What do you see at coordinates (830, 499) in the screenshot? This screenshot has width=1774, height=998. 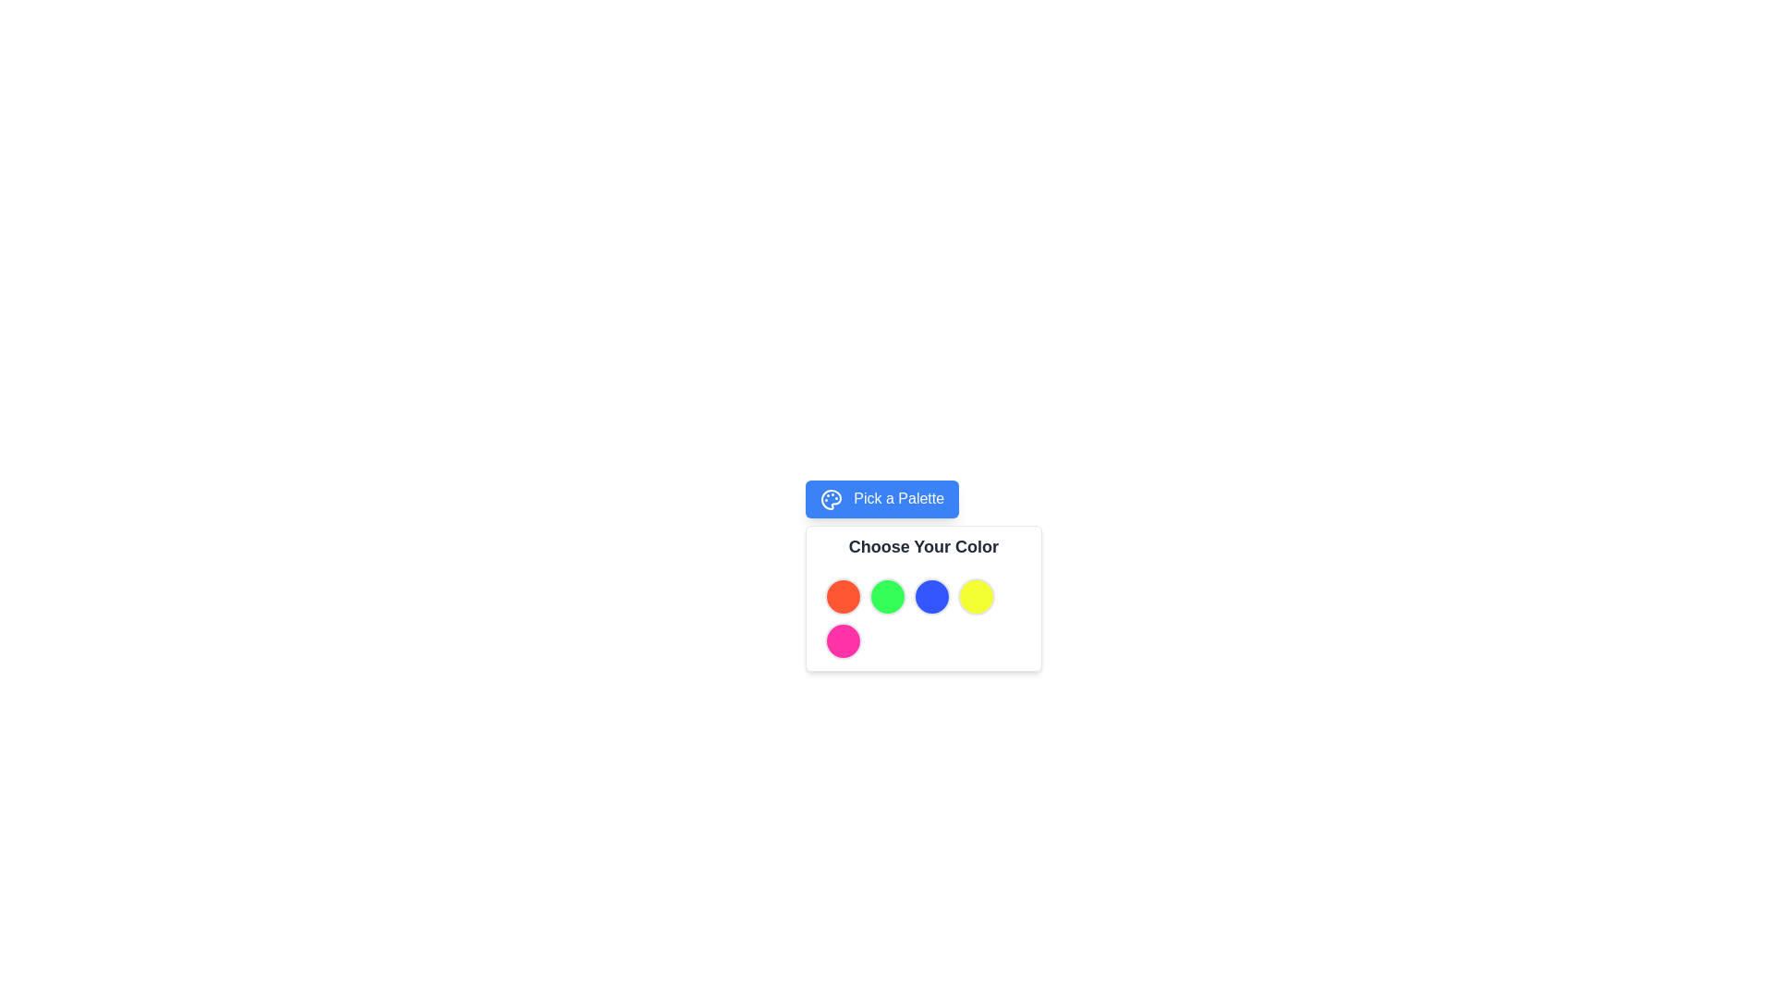 I see `the circular SVG icon resembling a color palette located inside the blue button labeled 'Pick a Palette'` at bounding box center [830, 499].